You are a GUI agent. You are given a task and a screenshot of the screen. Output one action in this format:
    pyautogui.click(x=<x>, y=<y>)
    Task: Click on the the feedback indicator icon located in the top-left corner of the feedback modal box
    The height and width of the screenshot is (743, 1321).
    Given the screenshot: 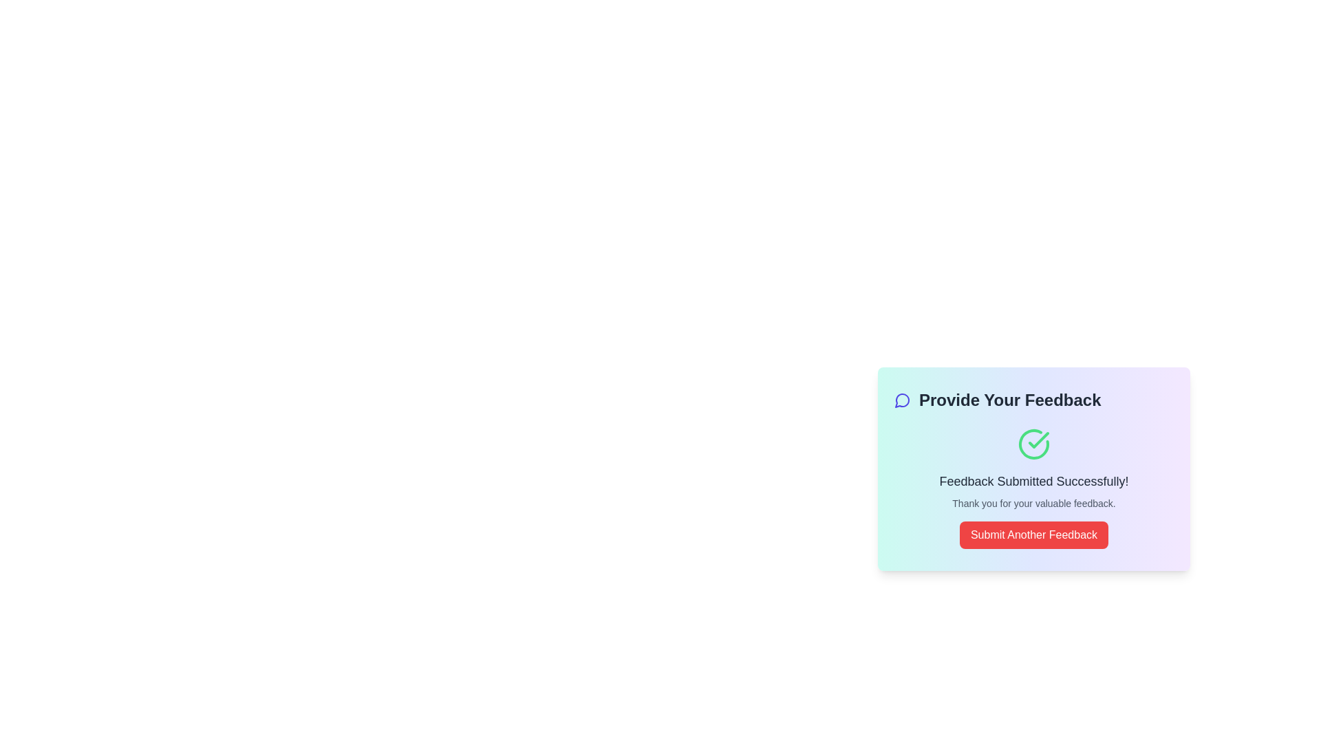 What is the action you would take?
    pyautogui.click(x=902, y=400)
    